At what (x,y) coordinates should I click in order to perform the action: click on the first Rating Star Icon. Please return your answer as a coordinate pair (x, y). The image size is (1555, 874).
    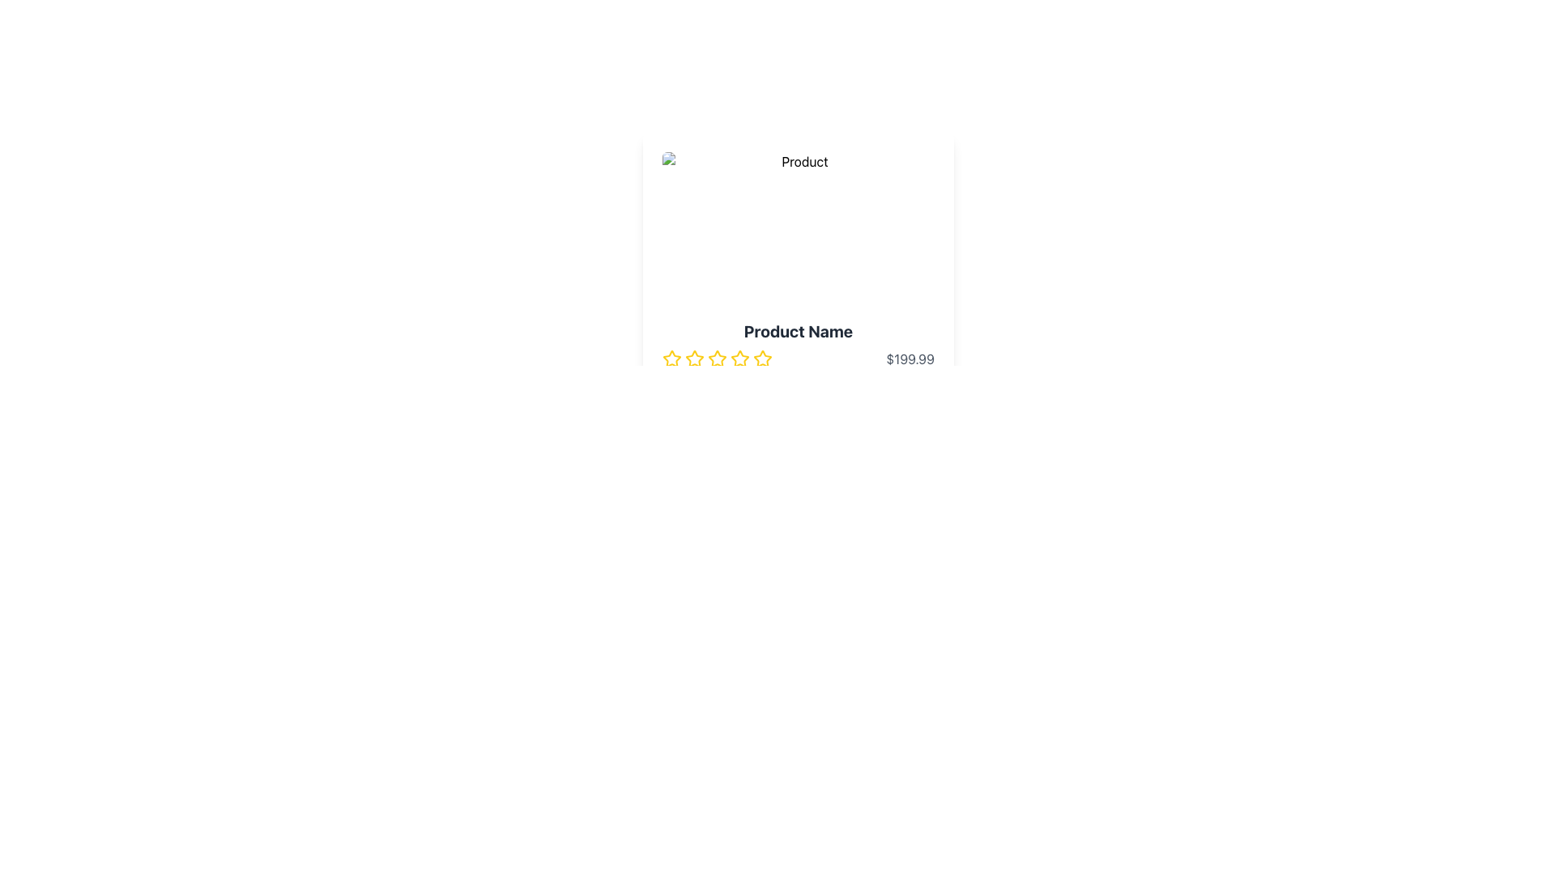
    Looking at the image, I should click on (672, 358).